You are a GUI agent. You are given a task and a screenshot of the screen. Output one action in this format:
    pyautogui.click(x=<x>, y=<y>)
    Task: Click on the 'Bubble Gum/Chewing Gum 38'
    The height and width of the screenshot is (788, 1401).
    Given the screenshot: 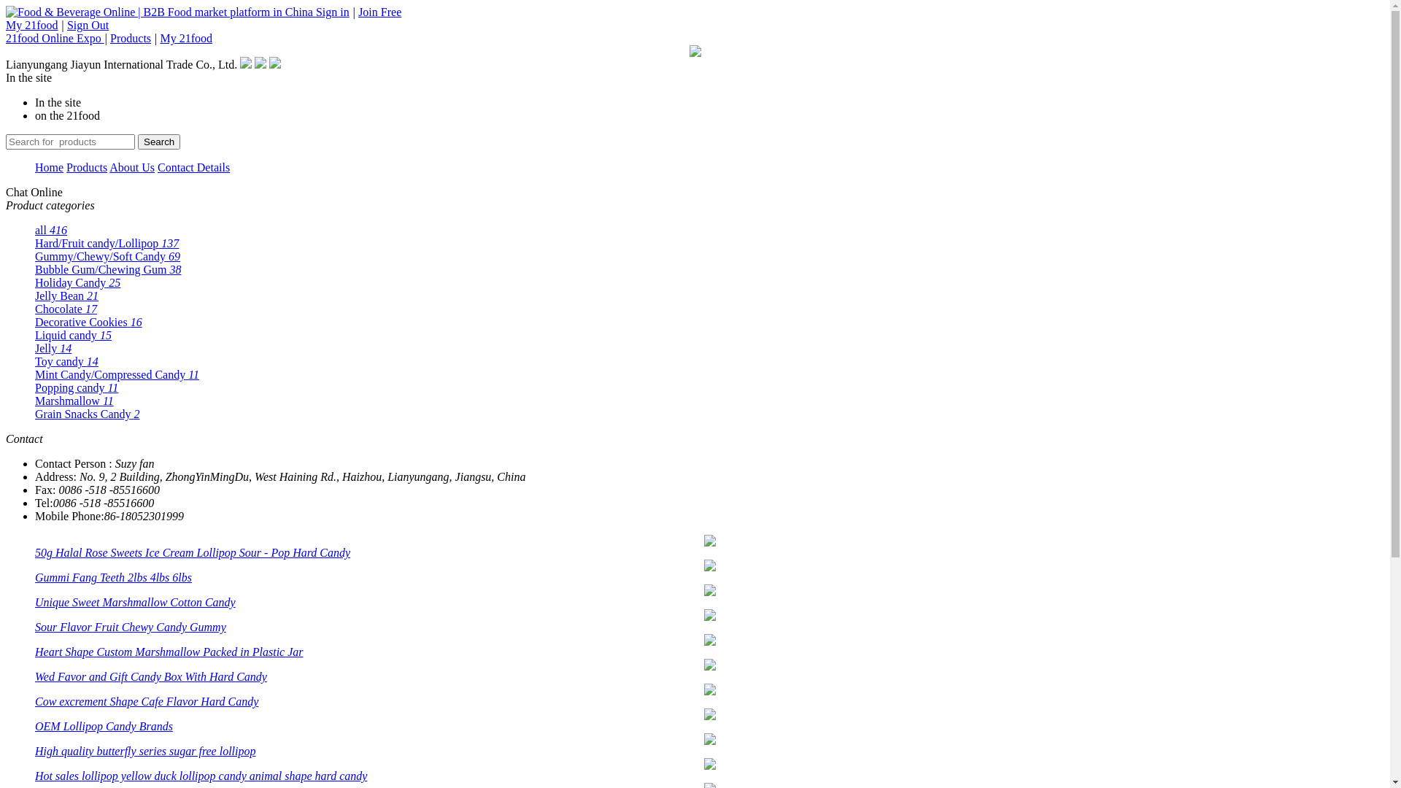 What is the action you would take?
    pyautogui.click(x=107, y=269)
    